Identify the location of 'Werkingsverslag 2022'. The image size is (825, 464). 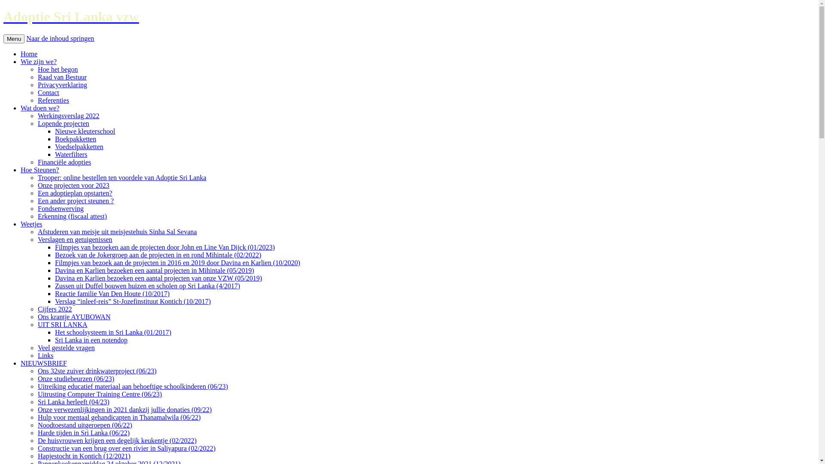
(68, 115).